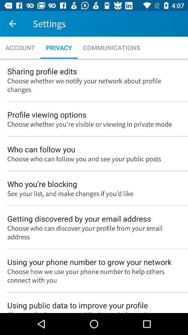 The height and width of the screenshot is (335, 188). What do you see at coordinates (13, 24) in the screenshot?
I see `icon above the account` at bounding box center [13, 24].